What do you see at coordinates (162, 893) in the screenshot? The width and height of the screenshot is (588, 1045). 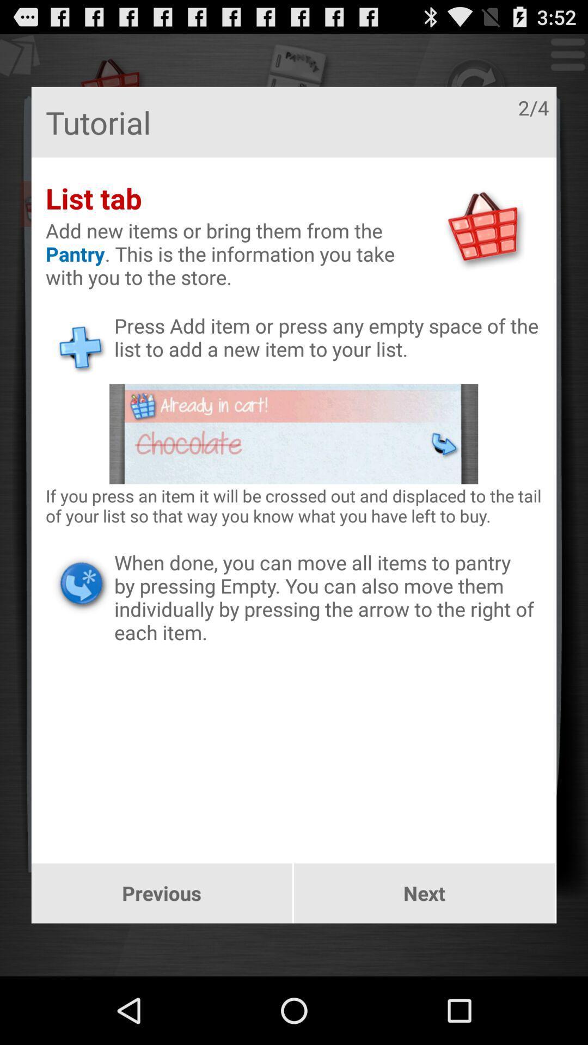 I see `the item next to the next button` at bounding box center [162, 893].